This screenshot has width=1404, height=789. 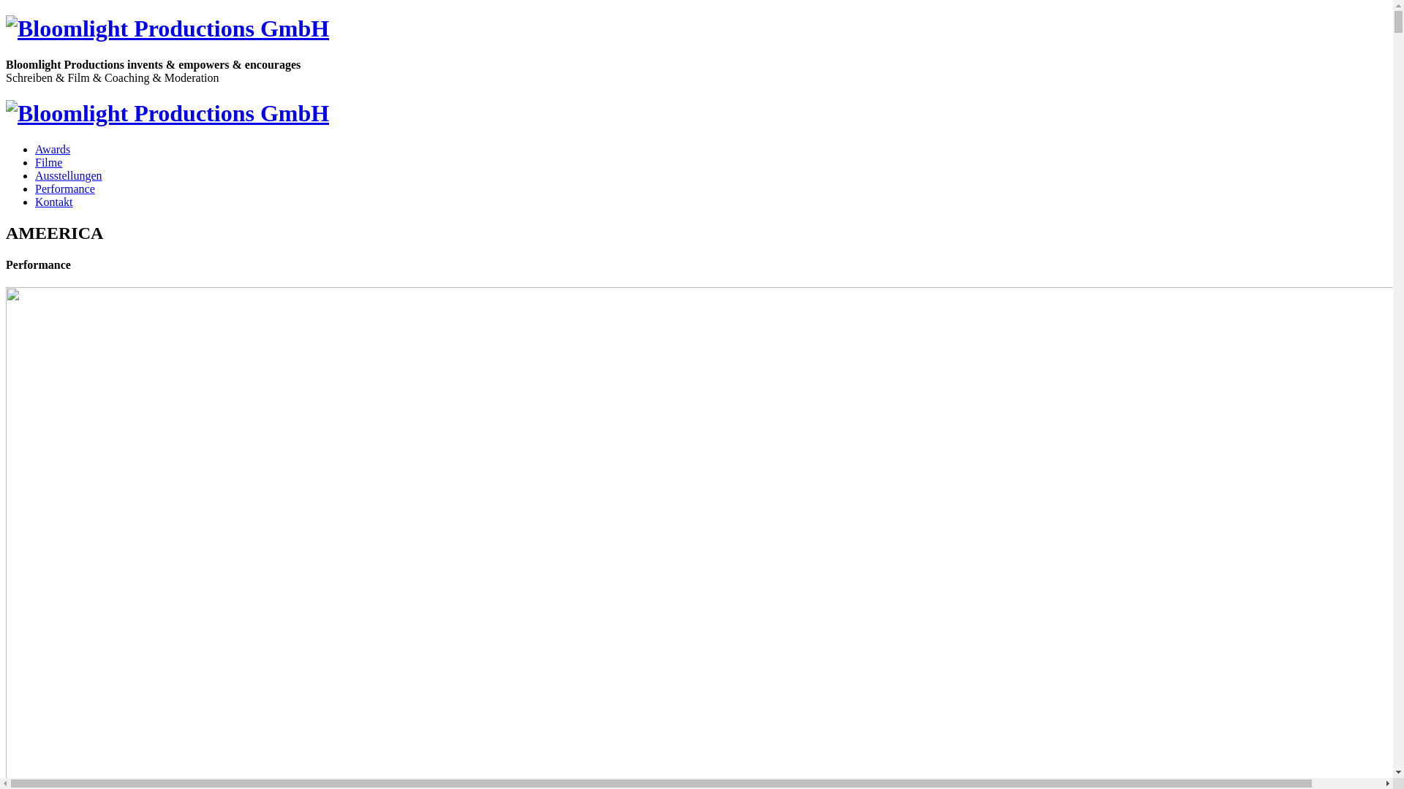 What do you see at coordinates (53, 202) in the screenshot?
I see `'Kontakt'` at bounding box center [53, 202].